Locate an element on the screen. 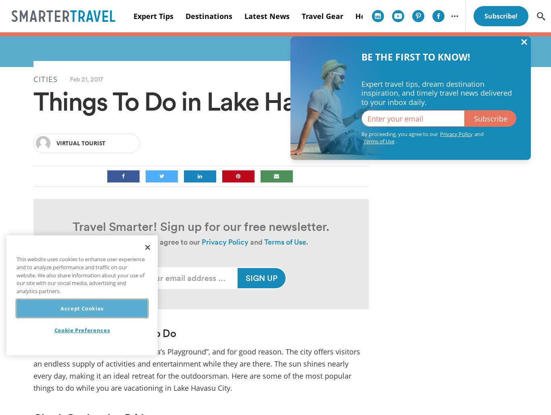 This screenshot has height=415, width=551. 'Lake Havasu is referred to as “Arizona’s Playground”, and for good reason. The city offers visitors an endless supply of activities and entertainment while they are there. The sun shines nearly every day, making it an ideal retreat for the outdoorsman. Here are some of the most popular things to do while you are vacationing in Lake Havasu City.' is located at coordinates (196, 369).